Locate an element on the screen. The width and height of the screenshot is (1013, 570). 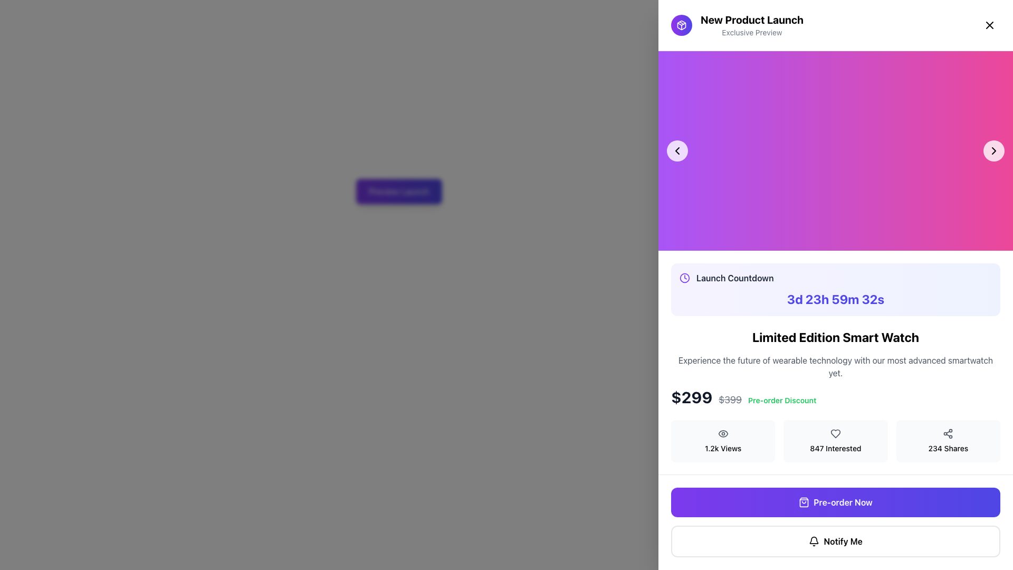
text 'New Product Launch' from the title section located at the top-right corner of the page, to the left of the close button is located at coordinates (737, 24).